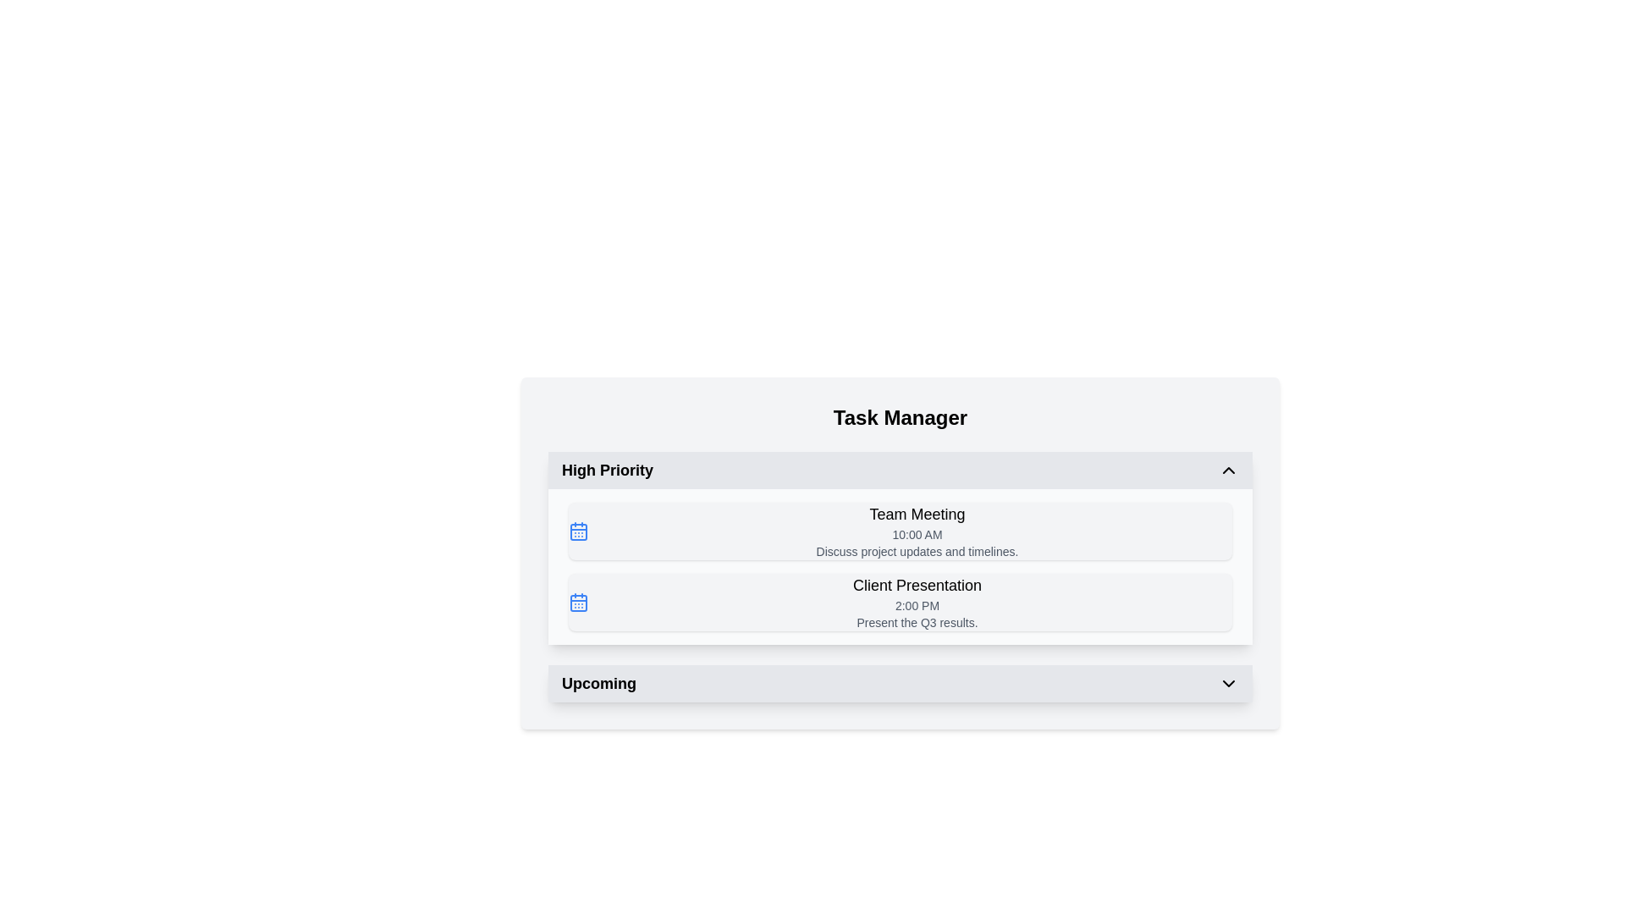 The image size is (1625, 914). What do you see at coordinates (900, 602) in the screenshot?
I see `the card labeled 'Client Presentation' that contains a calendar icon and details about the meeting, located in the 'High Priority' section of the task manager interface` at bounding box center [900, 602].